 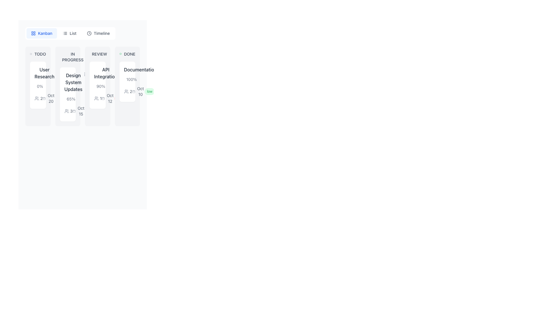 What do you see at coordinates (82, 86) in the screenshot?
I see `on the card component titled 'Design System Updates' located in the 'IN PROGRESS' column of the grid layout` at bounding box center [82, 86].